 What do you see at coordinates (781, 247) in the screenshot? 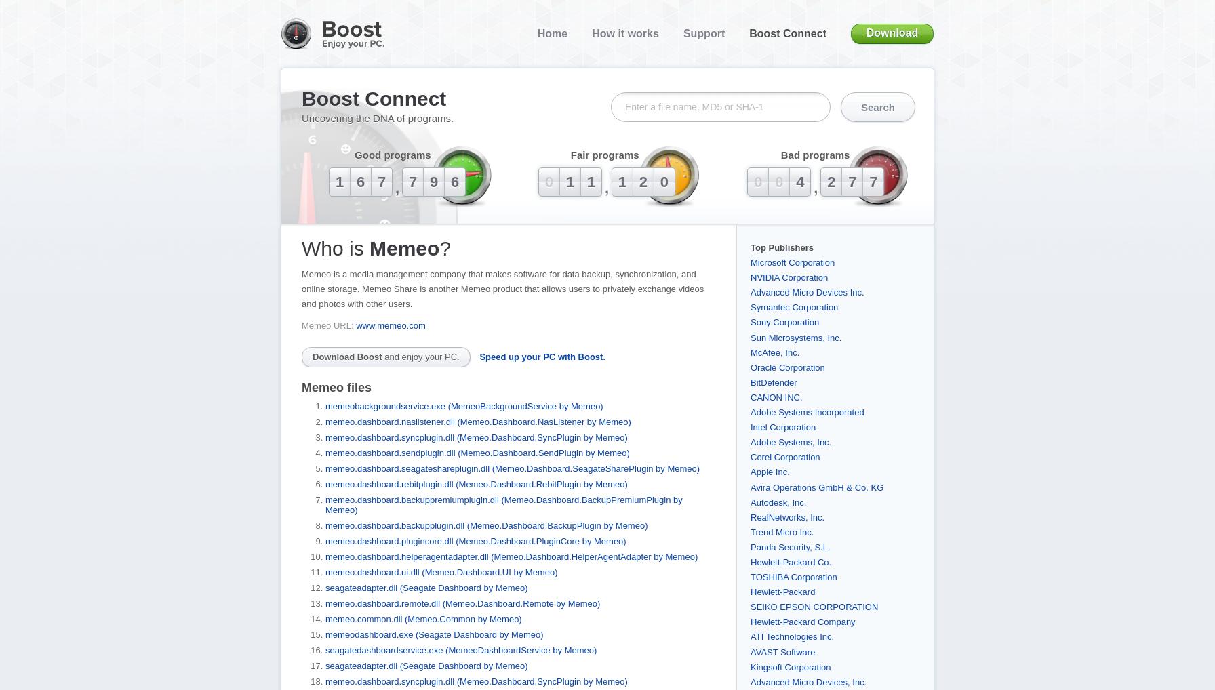
I see `'Top Publishers'` at bounding box center [781, 247].